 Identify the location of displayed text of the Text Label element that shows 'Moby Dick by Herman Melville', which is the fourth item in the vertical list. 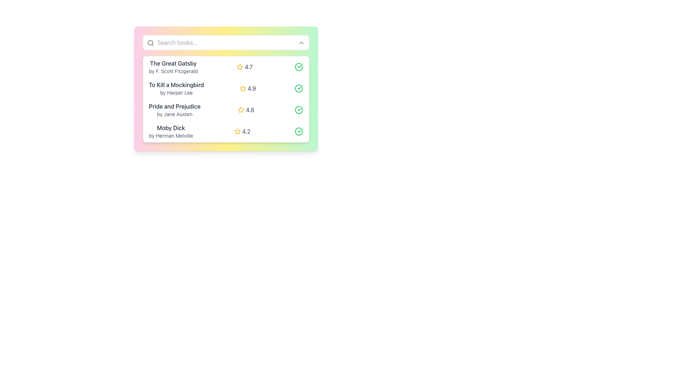
(170, 131).